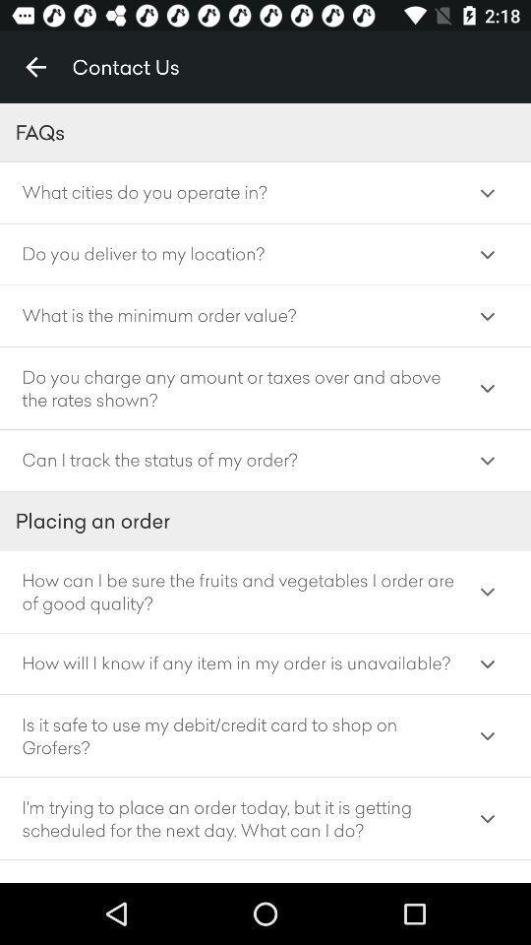  Describe the element at coordinates (35, 67) in the screenshot. I see `icon above the faqs icon` at that location.